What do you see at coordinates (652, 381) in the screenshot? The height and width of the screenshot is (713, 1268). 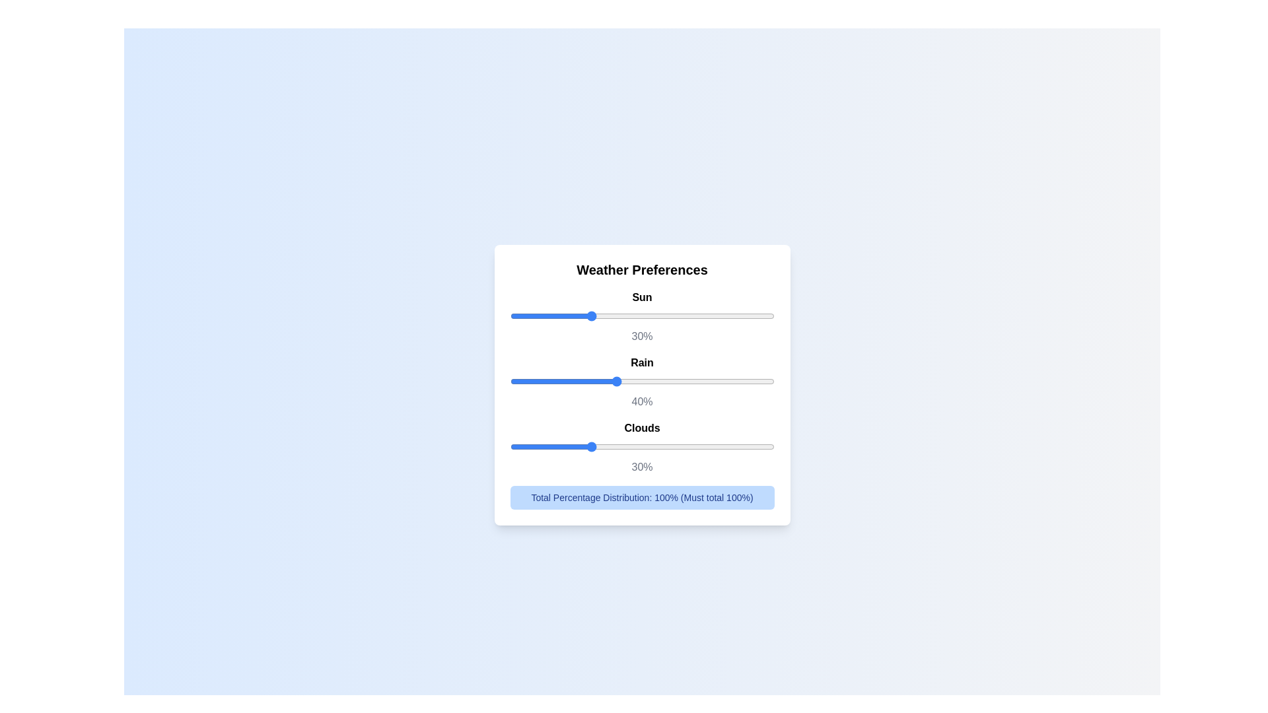 I see `the slider for 1 to set the percentage to 4` at bounding box center [652, 381].